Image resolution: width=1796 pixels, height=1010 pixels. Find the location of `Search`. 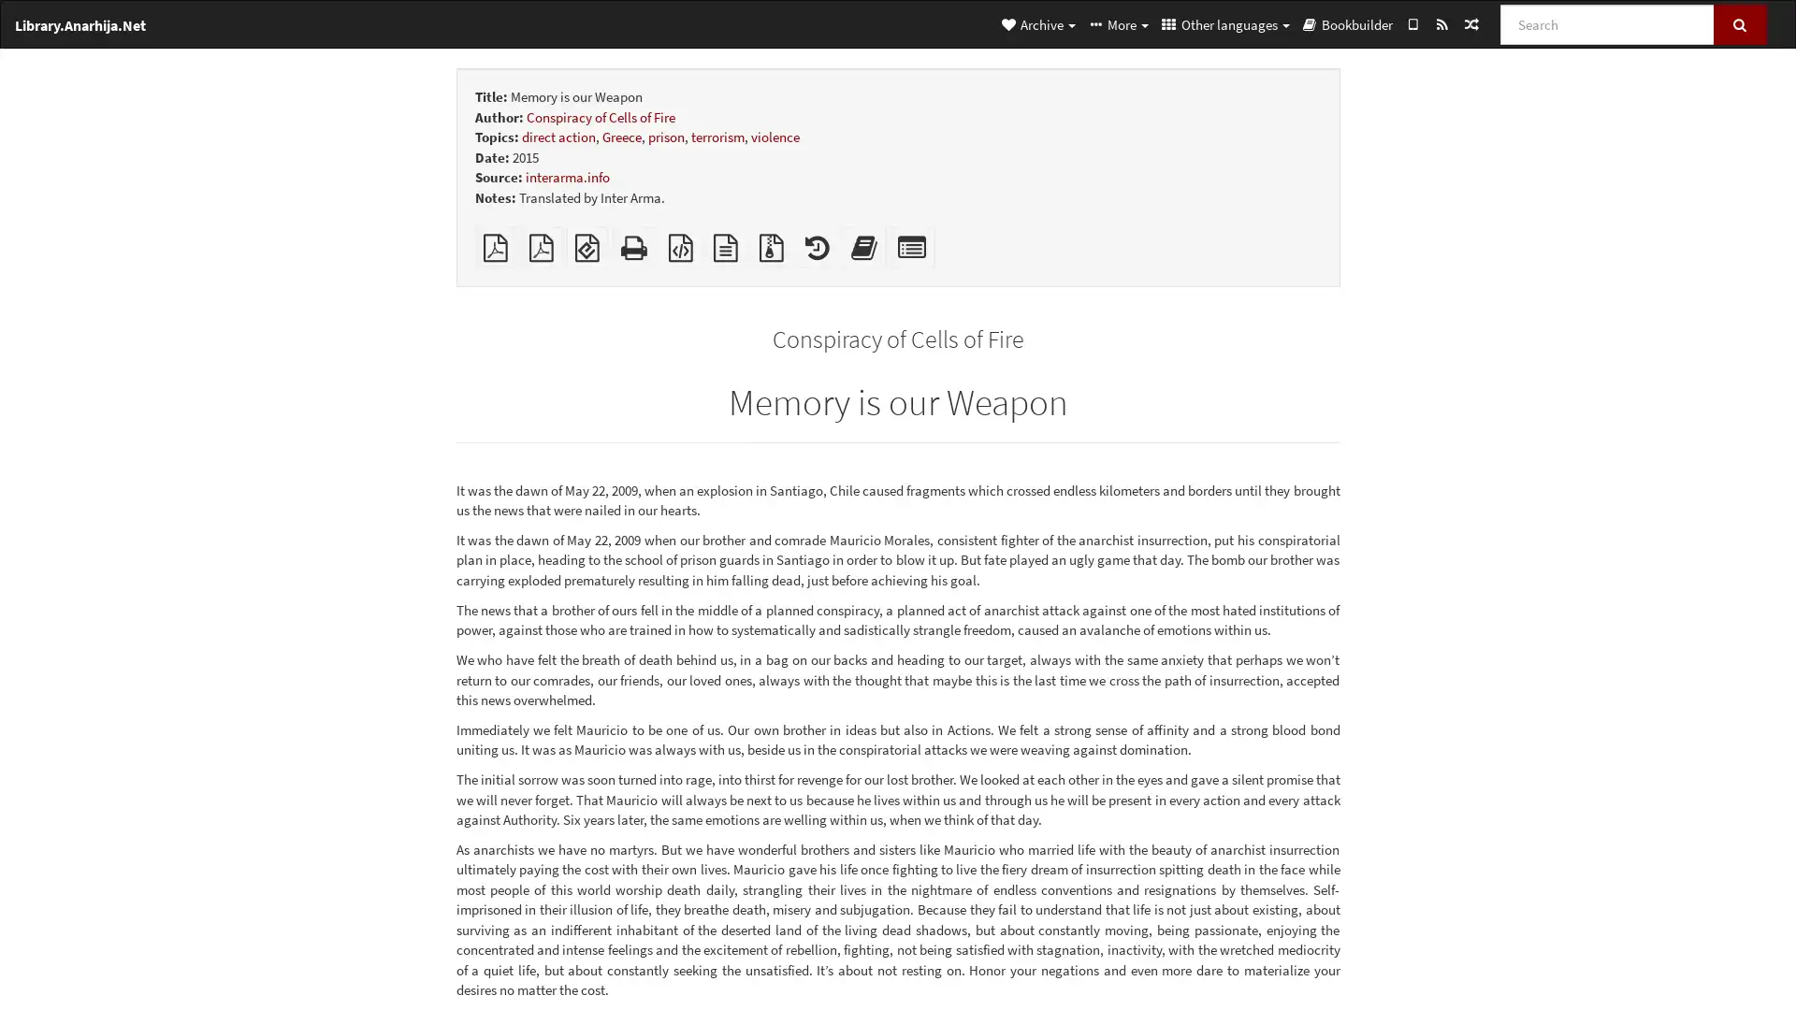

Search is located at coordinates (1739, 23).